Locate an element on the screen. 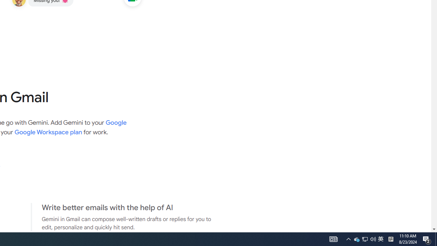  'User Promoted Notification Area' is located at coordinates (356, 238).